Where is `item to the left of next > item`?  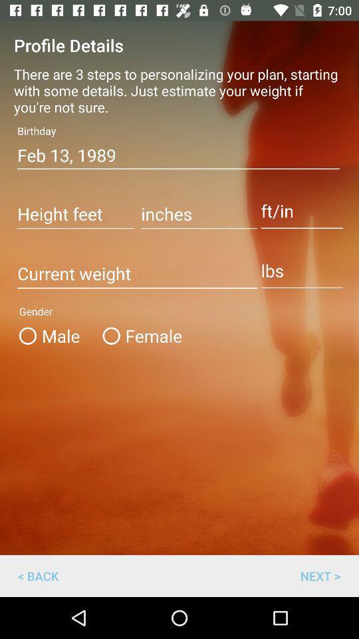
item to the left of next > item is located at coordinates (38, 575).